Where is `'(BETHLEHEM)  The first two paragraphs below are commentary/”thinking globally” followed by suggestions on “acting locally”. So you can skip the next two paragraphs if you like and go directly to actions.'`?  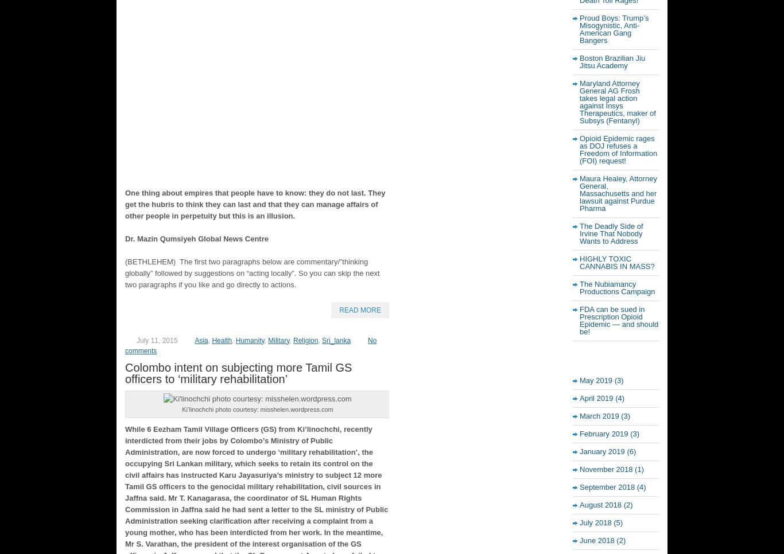
'(BETHLEHEM)  The first two paragraphs below are commentary/”thinking globally” followed by suggestions on “acting locally”. So you can skip the next two paragraphs if you like and go directly to actions.' is located at coordinates (251, 272).